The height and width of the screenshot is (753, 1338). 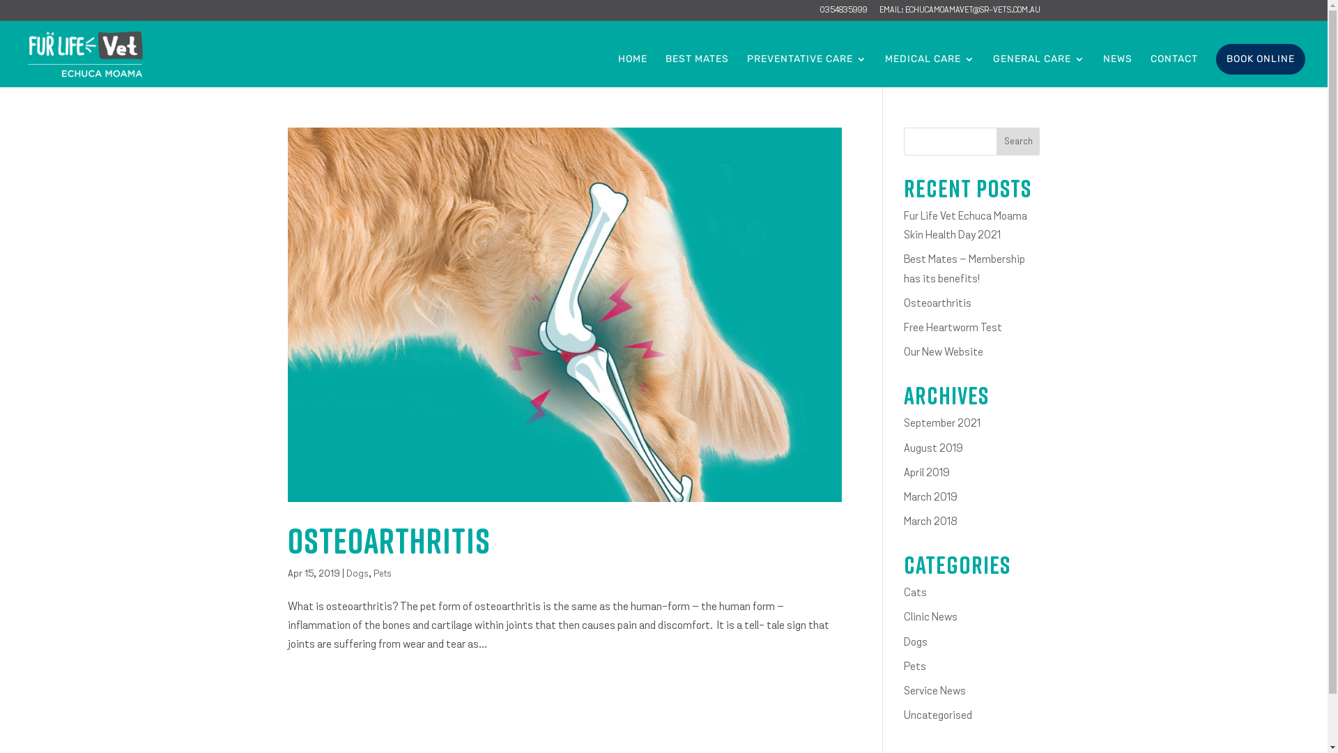 I want to click on '03 5483 5999', so click(x=842, y=13).